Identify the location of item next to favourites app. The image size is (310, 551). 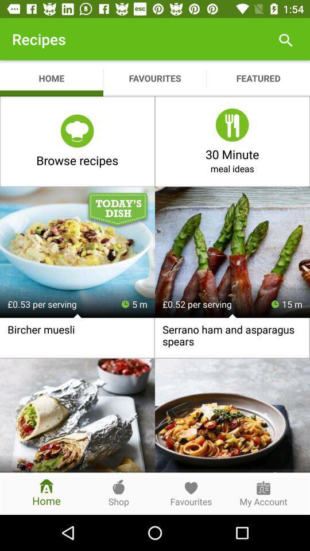
(285, 39).